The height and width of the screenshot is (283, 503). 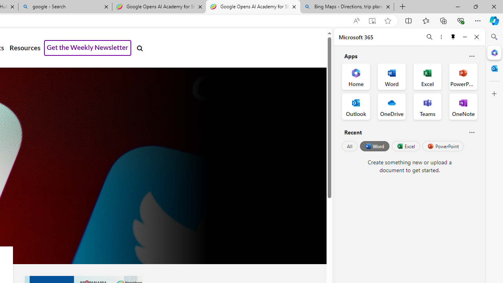 I want to click on 'Close tab', so click(x=388, y=7).